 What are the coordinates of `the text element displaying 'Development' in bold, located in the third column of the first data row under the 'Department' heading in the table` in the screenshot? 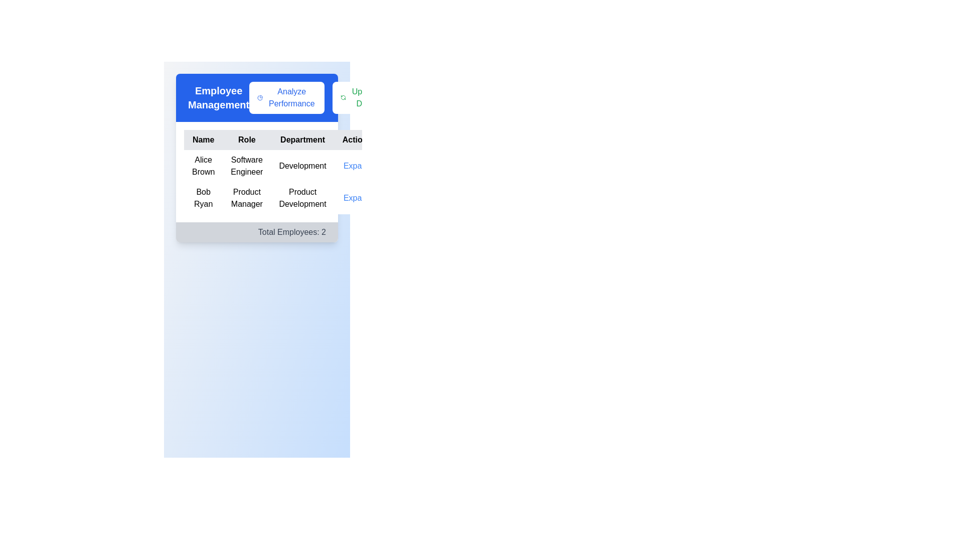 It's located at (302, 166).